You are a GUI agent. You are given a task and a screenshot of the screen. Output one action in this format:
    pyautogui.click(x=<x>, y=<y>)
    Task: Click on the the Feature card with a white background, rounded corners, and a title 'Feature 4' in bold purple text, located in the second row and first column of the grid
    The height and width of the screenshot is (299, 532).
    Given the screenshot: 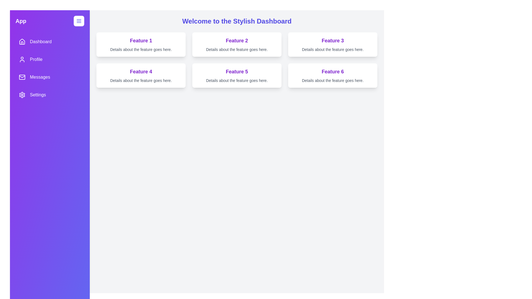 What is the action you would take?
    pyautogui.click(x=141, y=76)
    